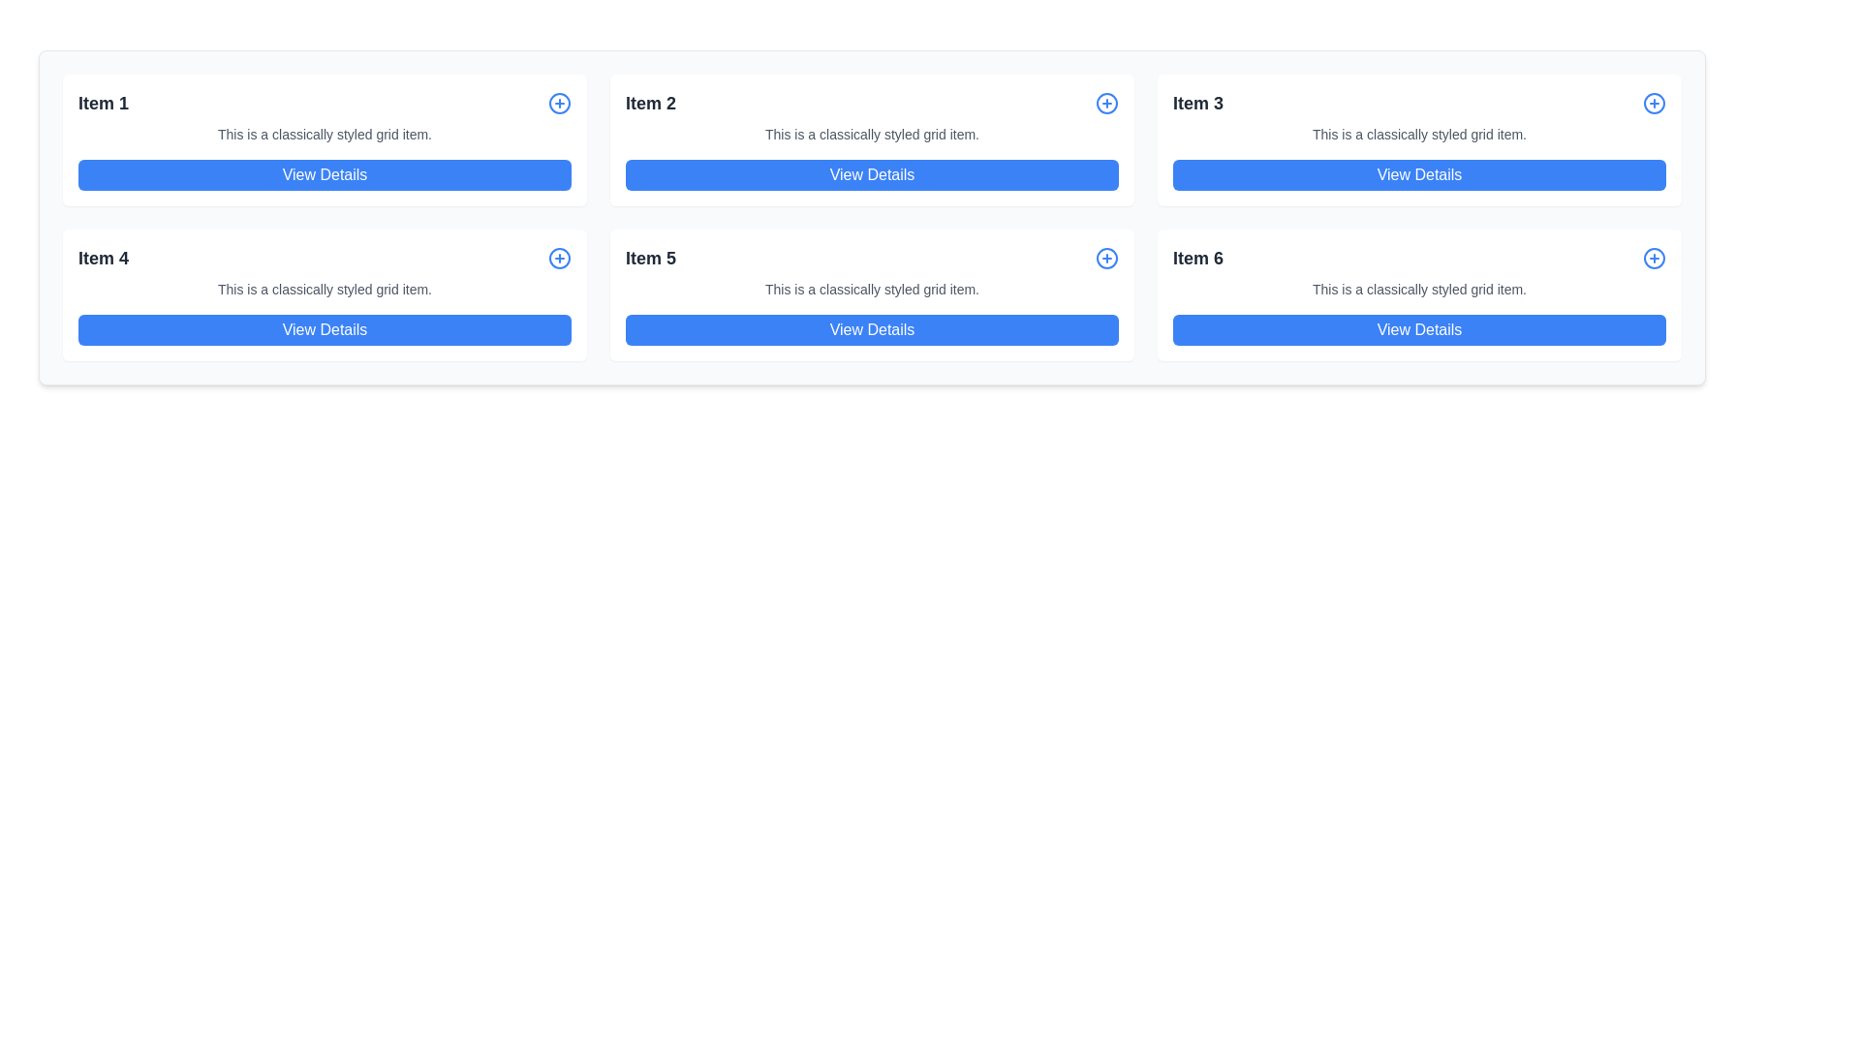 Image resolution: width=1860 pixels, height=1046 pixels. I want to click on the plus icon button located to the right of the text 'Item 5', so click(1106, 257).